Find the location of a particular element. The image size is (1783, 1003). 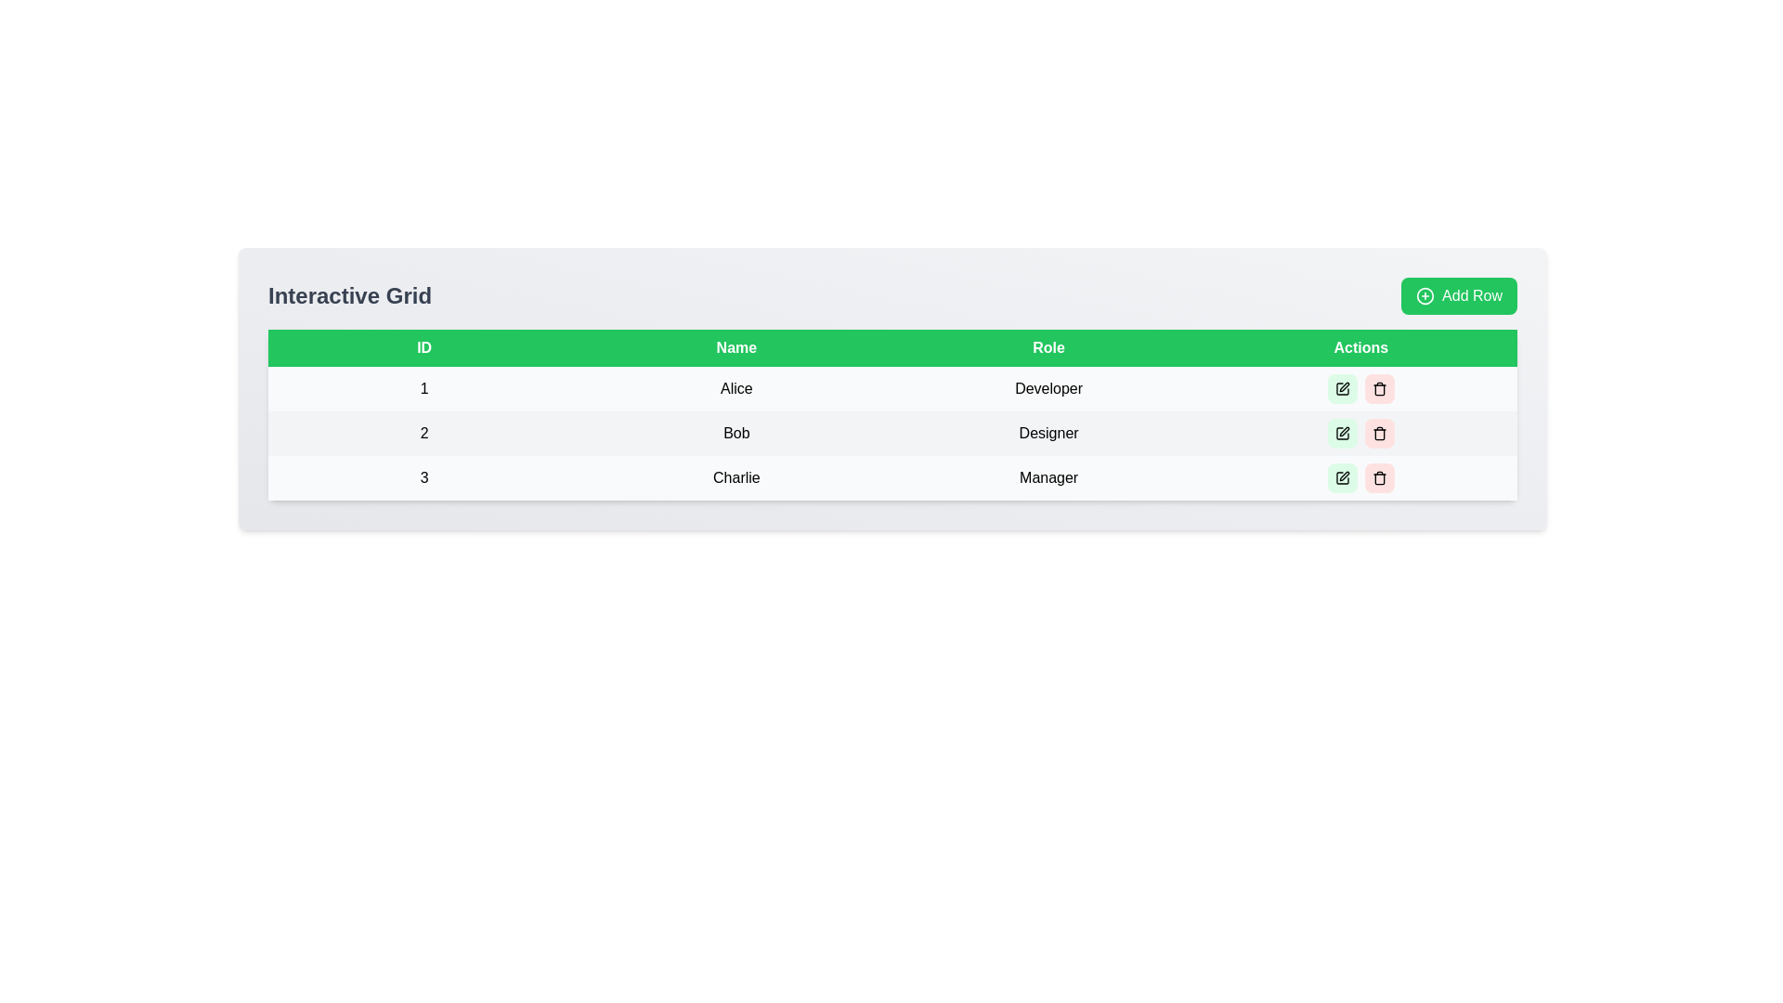

the table cell displaying the text 'Charlie' which is located in the third row under the 'Name' column is located at coordinates (735, 477).